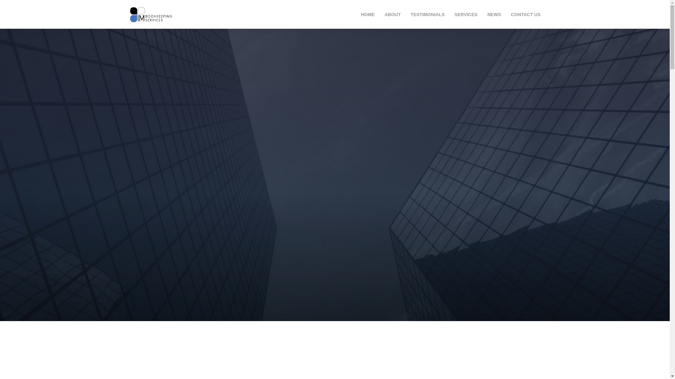  What do you see at coordinates (494, 14) in the screenshot?
I see `'NEWS'` at bounding box center [494, 14].